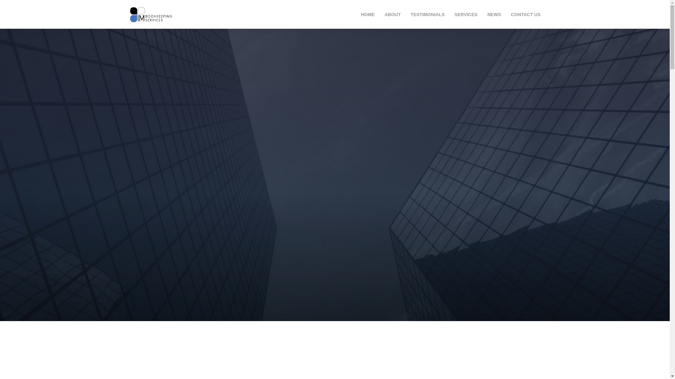  What do you see at coordinates (494, 14) in the screenshot?
I see `'NEWS'` at bounding box center [494, 14].